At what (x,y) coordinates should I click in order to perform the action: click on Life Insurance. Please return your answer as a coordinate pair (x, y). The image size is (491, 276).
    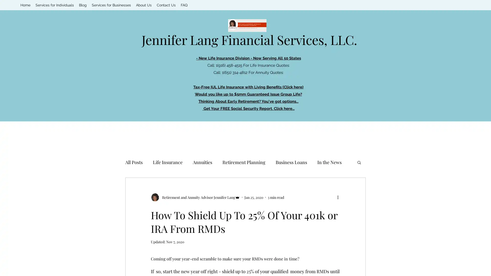
    Looking at the image, I should click on (168, 162).